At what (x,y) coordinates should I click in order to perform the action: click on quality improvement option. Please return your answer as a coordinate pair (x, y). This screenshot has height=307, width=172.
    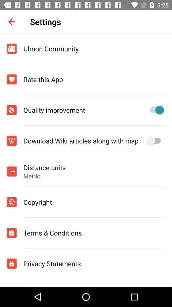
    Looking at the image, I should click on (155, 110).